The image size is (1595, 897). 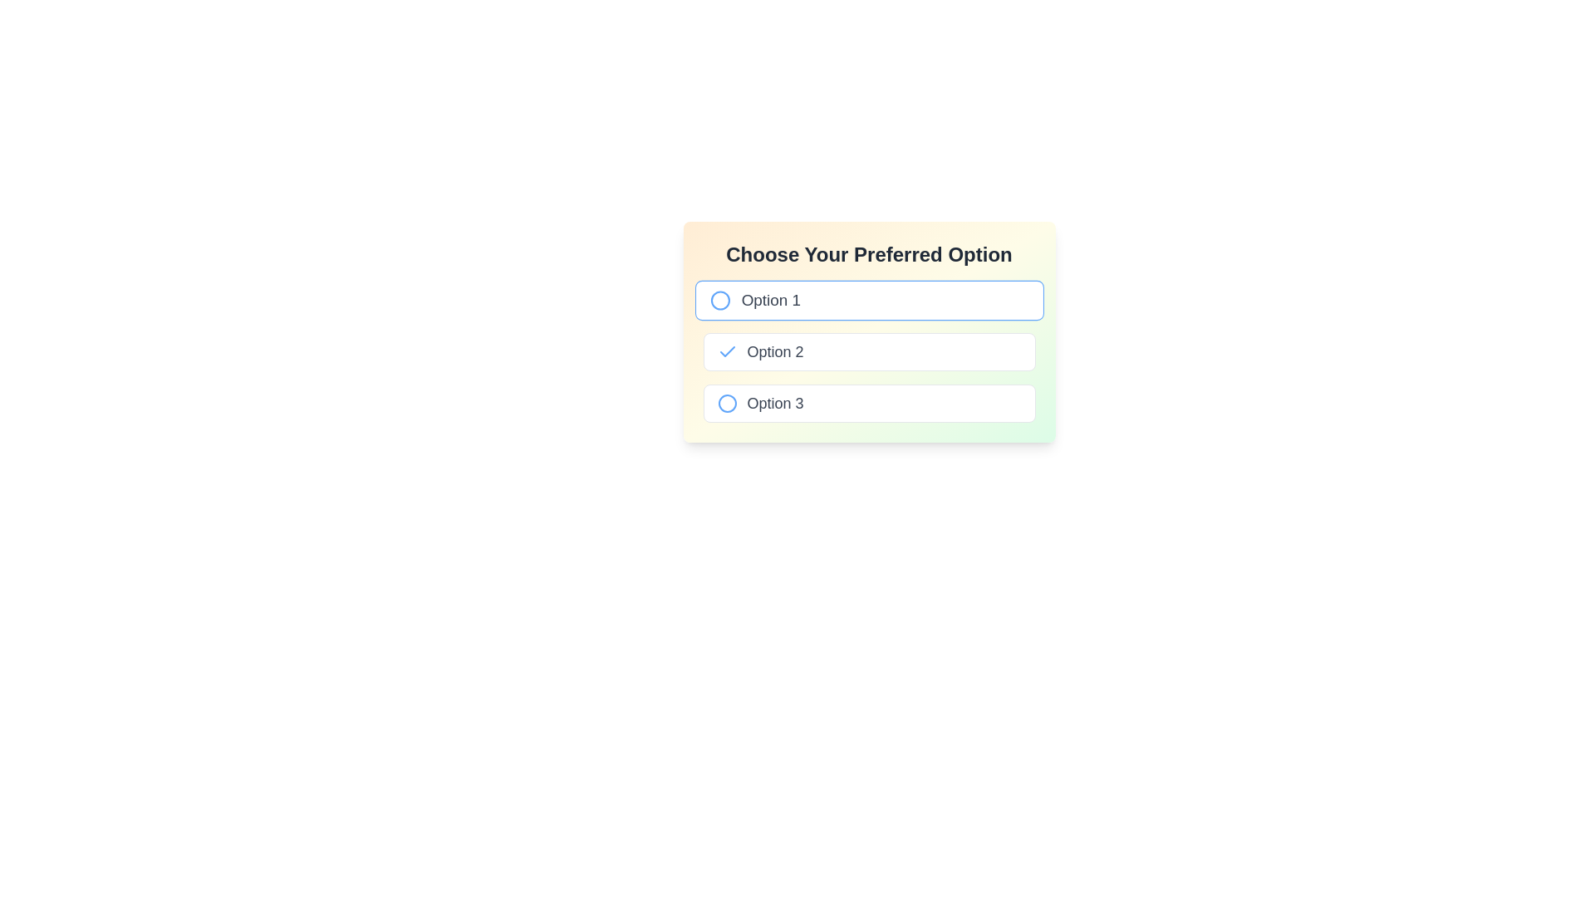 I want to click on the third radio button, which is a circular element with a thin outline located next to the 'Option 3' label, so click(x=727, y=404).